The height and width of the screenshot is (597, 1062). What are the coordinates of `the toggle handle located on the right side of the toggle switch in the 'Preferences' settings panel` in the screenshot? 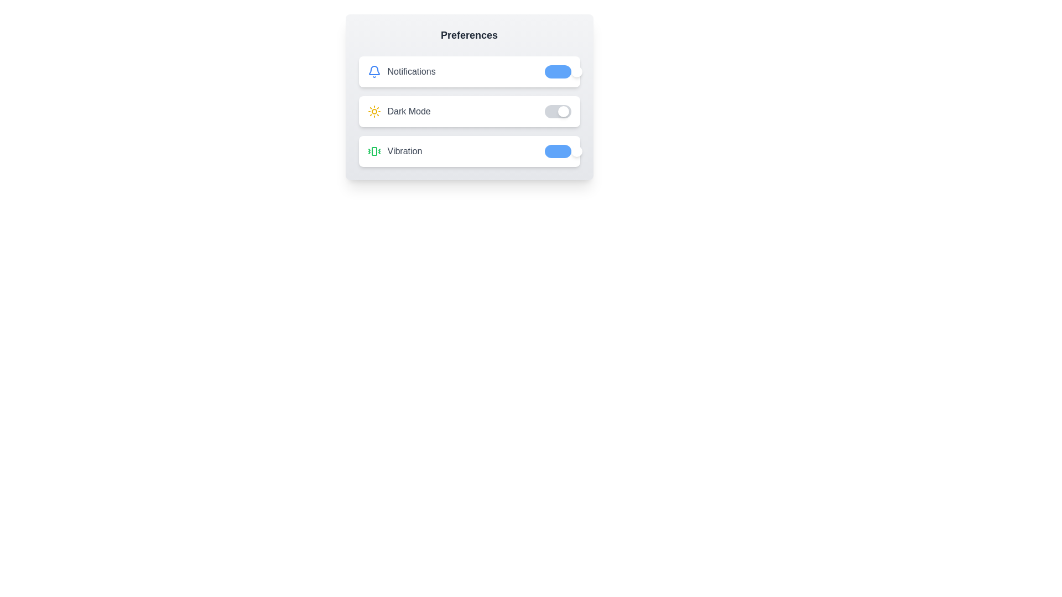 It's located at (576, 72).